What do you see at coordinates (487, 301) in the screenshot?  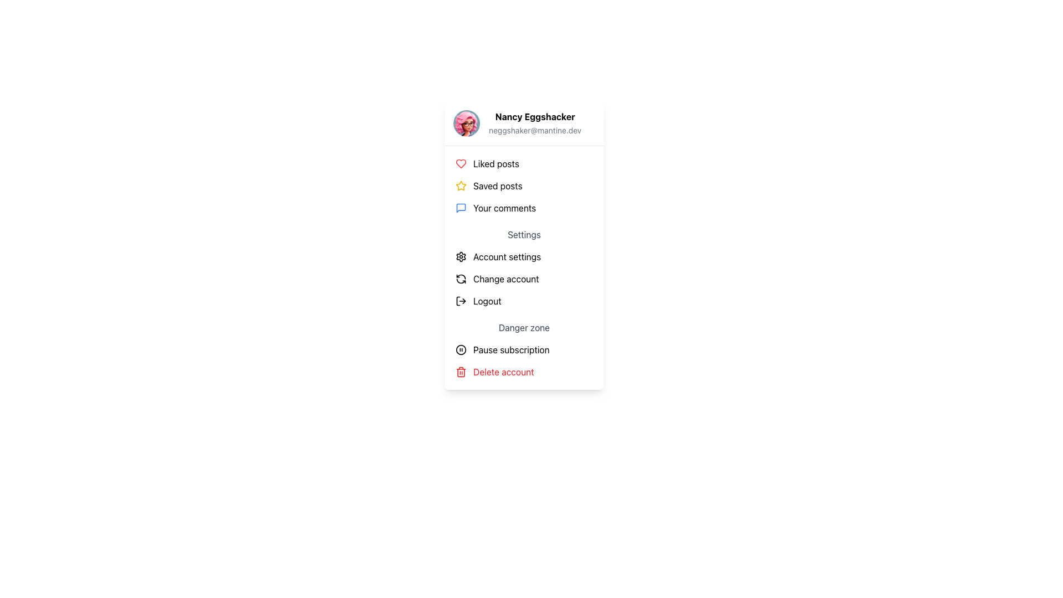 I see `the 'Logout' label in the vertical menu that indicates the functionality of logging out, positioned between 'Change account' and 'Danger zone'` at bounding box center [487, 301].